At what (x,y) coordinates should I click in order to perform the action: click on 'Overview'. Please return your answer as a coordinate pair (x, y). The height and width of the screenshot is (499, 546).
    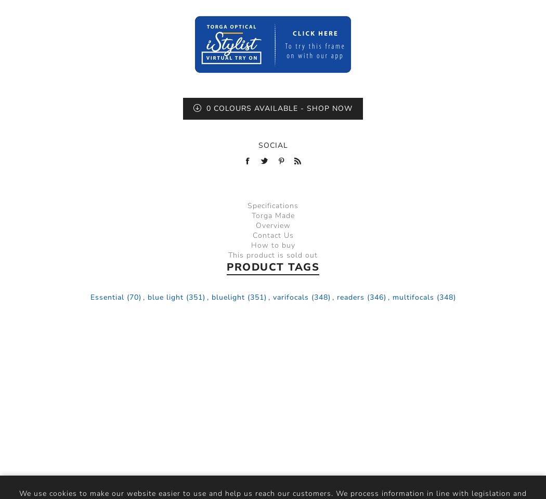
    Looking at the image, I should click on (272, 224).